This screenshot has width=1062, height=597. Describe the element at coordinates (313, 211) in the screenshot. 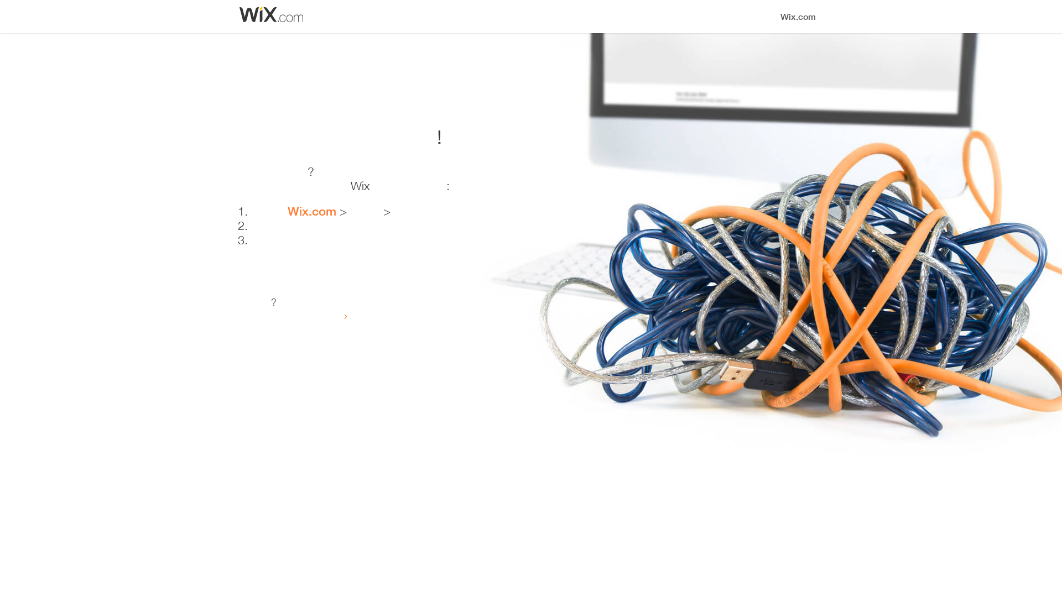

I see `'Wix.com'` at that location.